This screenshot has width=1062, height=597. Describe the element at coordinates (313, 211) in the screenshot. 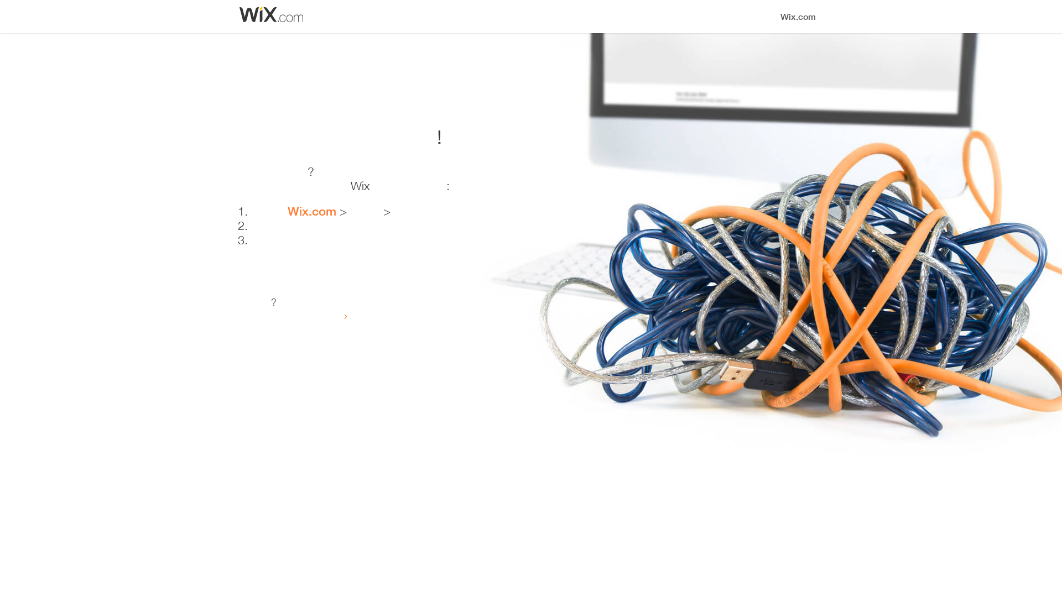

I see `'Wix.com'` at that location.